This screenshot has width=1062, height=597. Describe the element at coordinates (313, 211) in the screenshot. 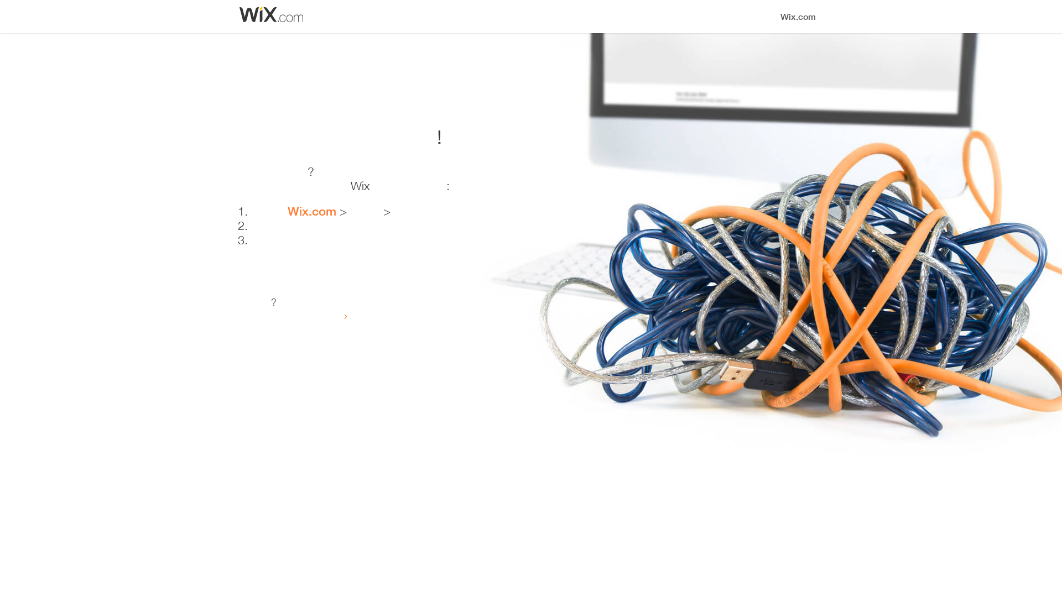

I see `'Wix.com'` at that location.